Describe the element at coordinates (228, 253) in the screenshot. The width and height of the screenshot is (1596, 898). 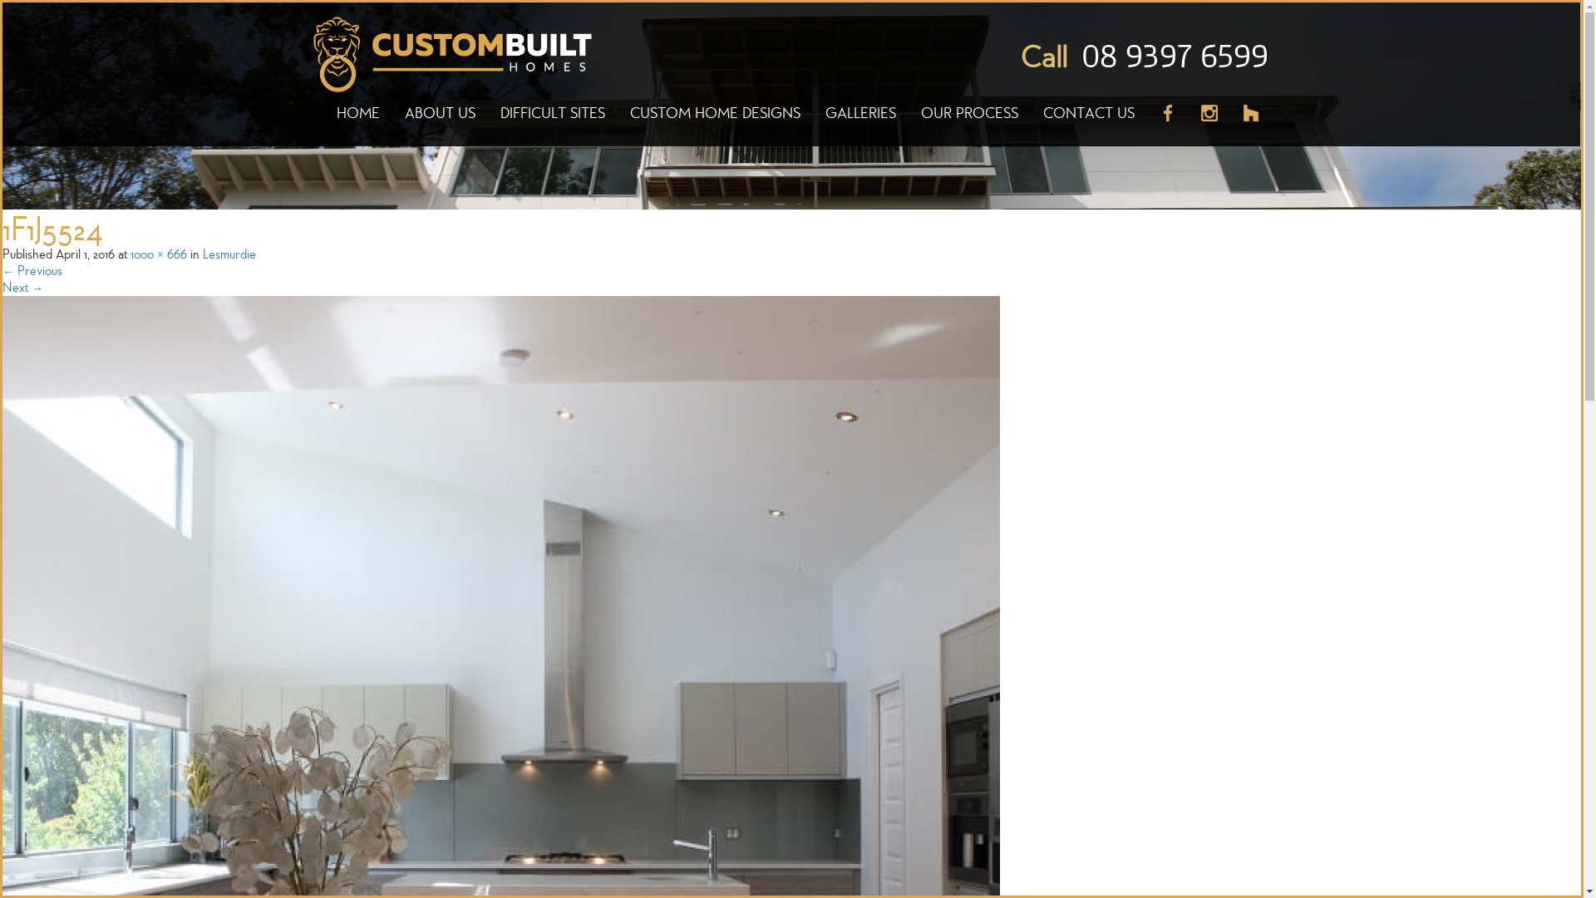
I see `'Lesmurdie'` at that location.